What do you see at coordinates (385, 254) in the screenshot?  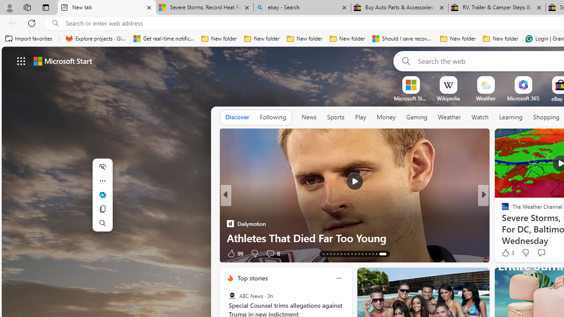 I see `'AutomationID: tab-29'` at bounding box center [385, 254].